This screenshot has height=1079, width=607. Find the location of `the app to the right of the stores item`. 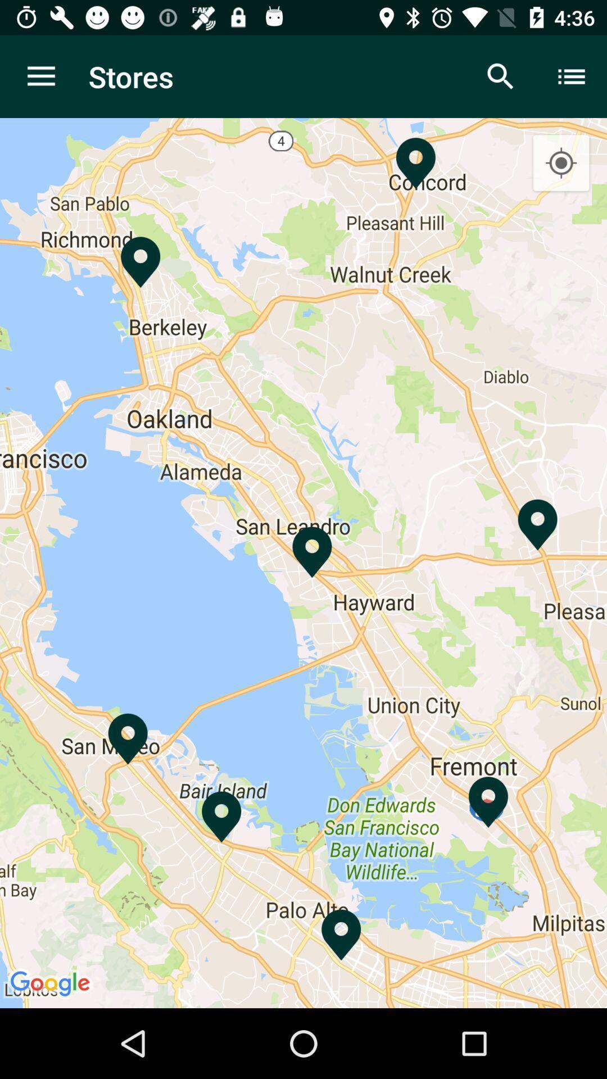

the app to the right of the stores item is located at coordinates (500, 76).